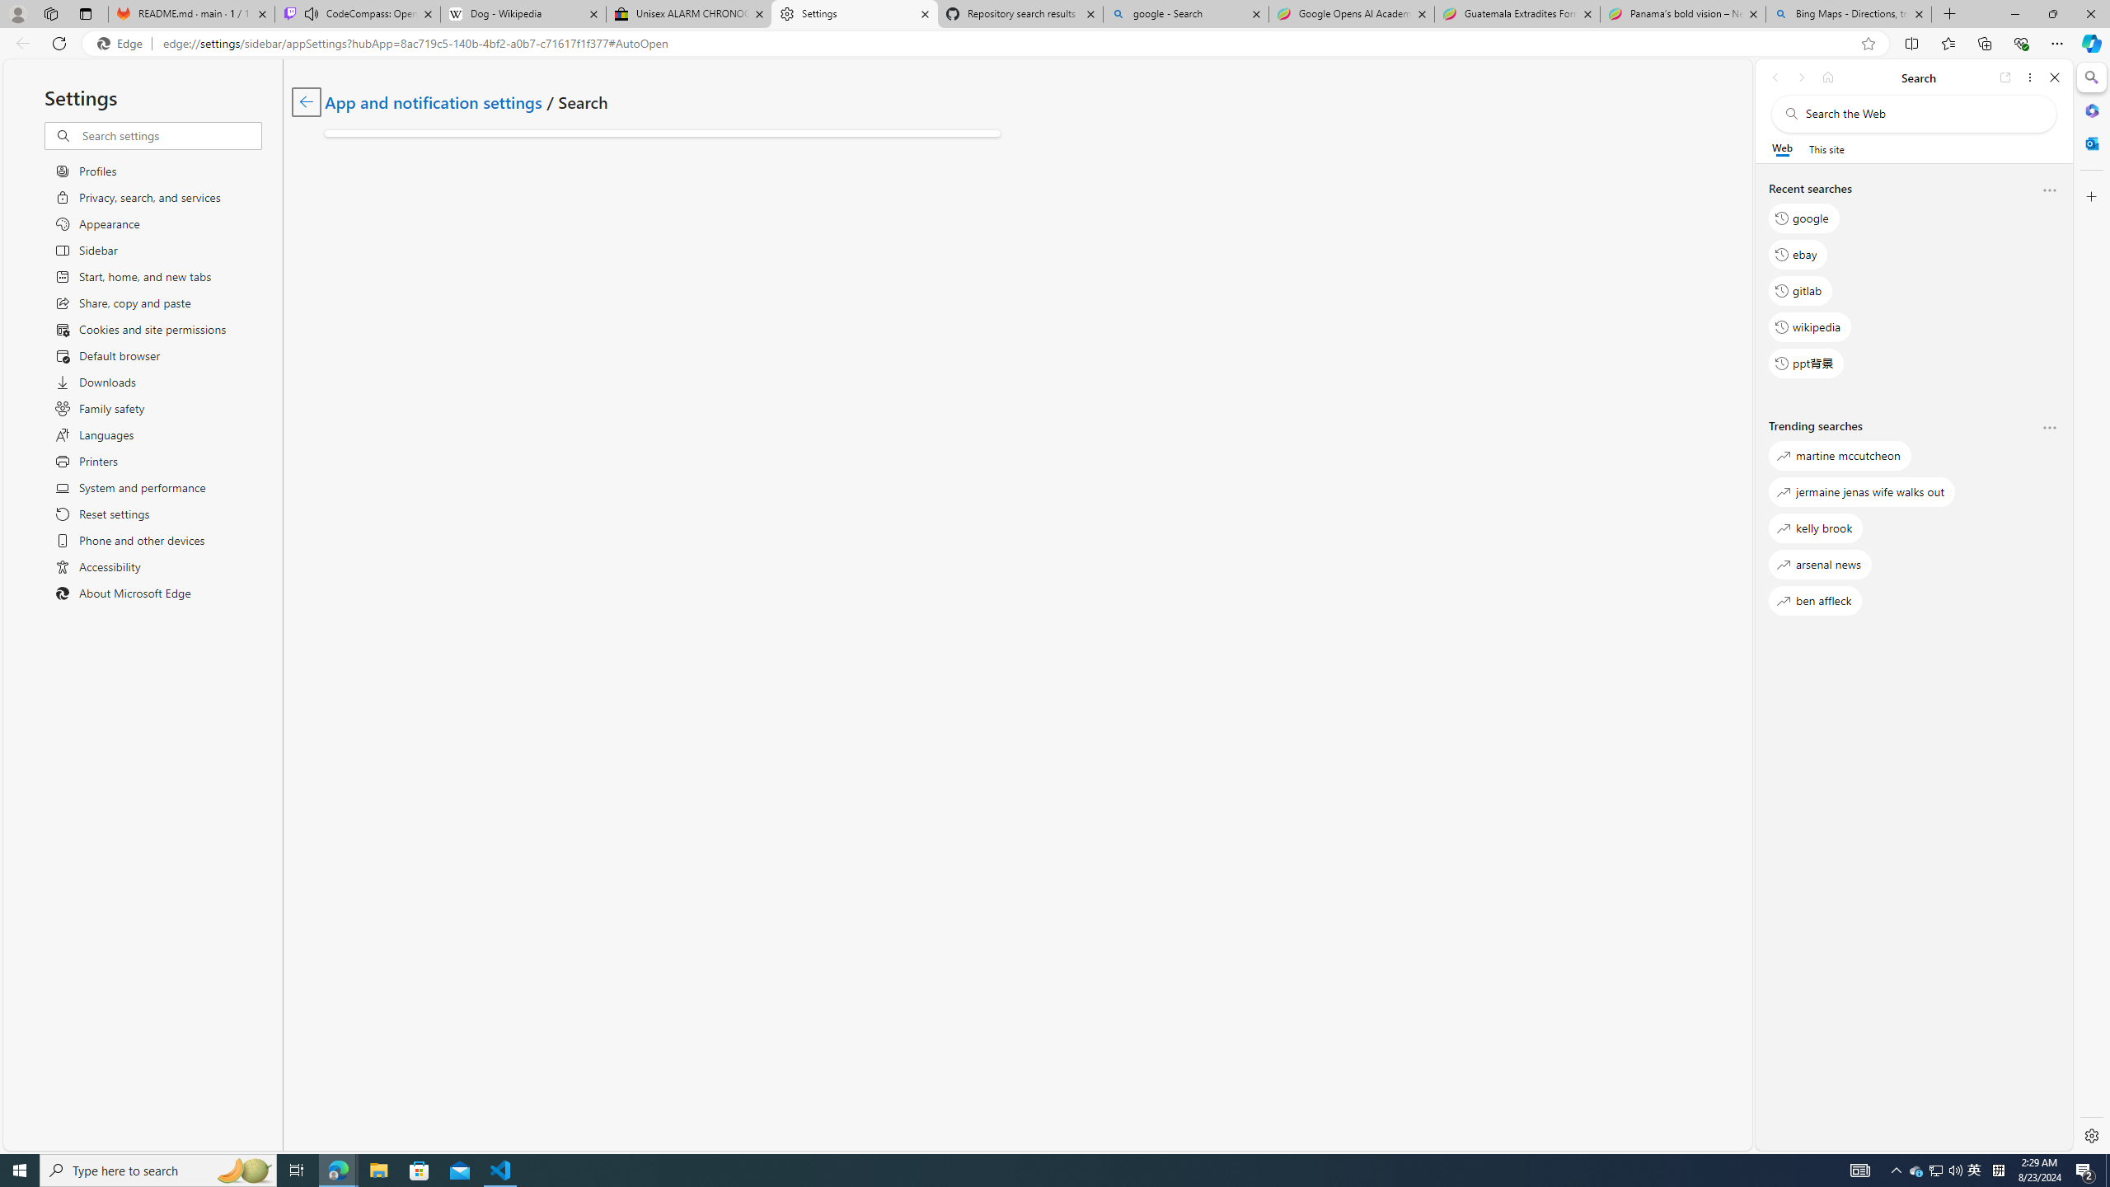  What do you see at coordinates (433, 101) in the screenshot?
I see `'App and notification settings'` at bounding box center [433, 101].